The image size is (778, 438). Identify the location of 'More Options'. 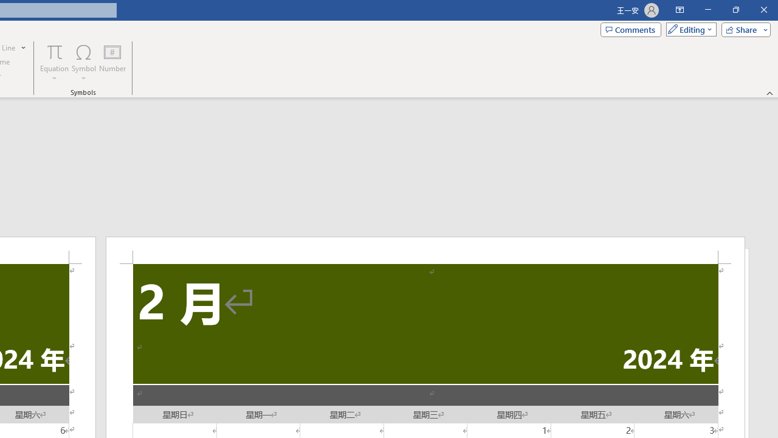
(54, 74).